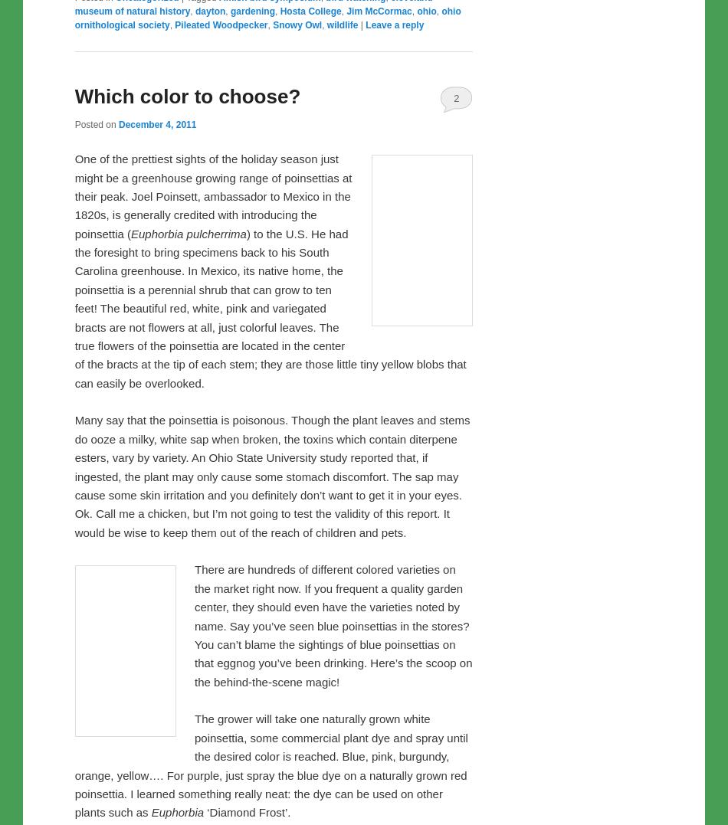 Image resolution: width=728 pixels, height=825 pixels. I want to click on 'Hosta College', so click(309, 332).